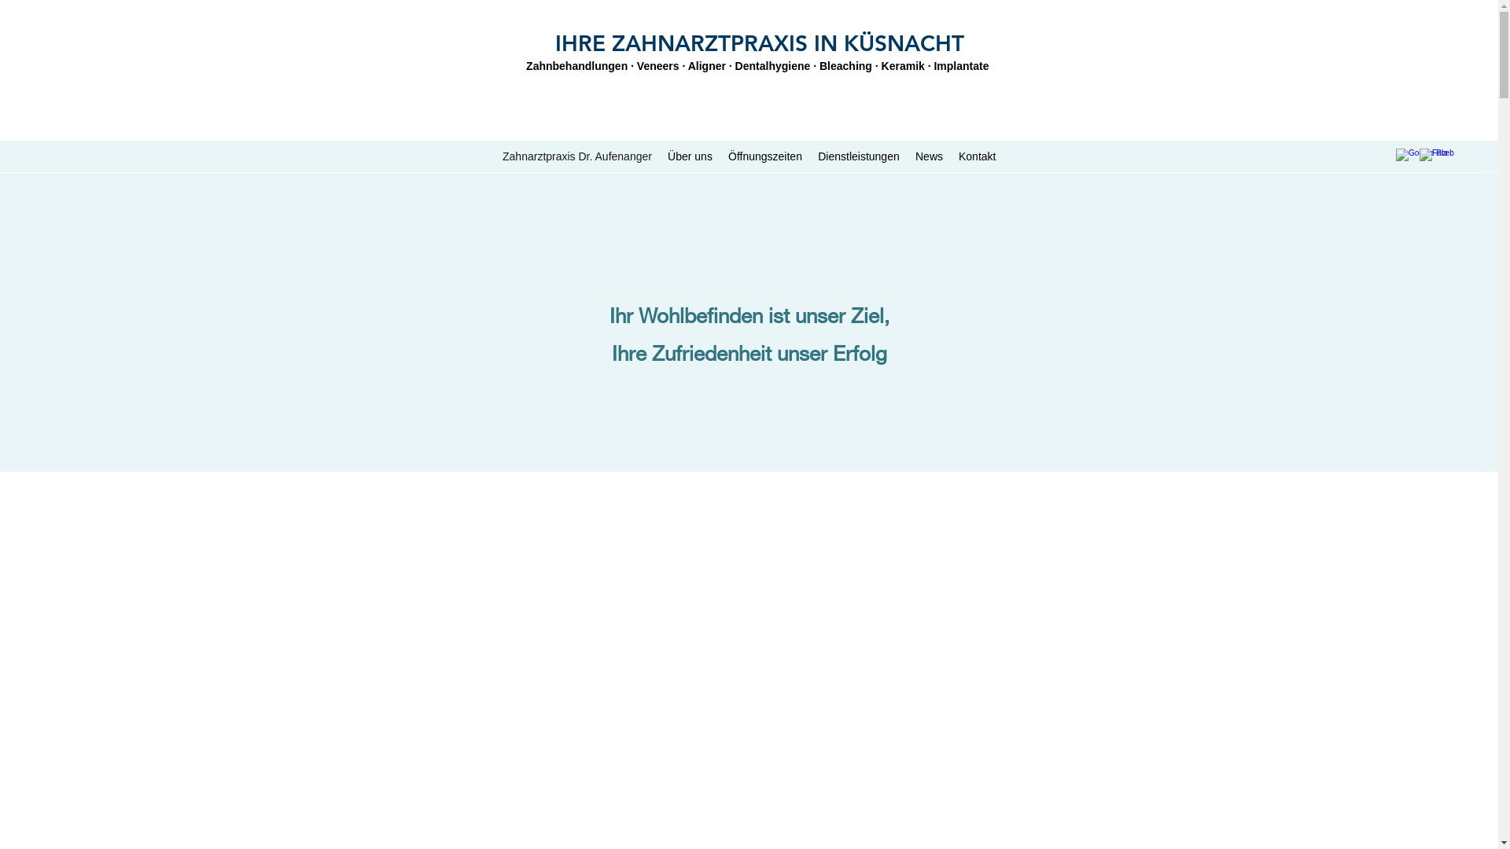  What do you see at coordinates (858, 156) in the screenshot?
I see `'Dienstleistungen'` at bounding box center [858, 156].